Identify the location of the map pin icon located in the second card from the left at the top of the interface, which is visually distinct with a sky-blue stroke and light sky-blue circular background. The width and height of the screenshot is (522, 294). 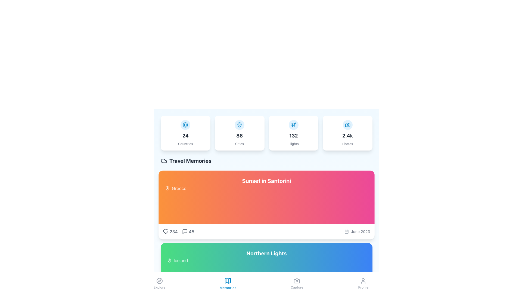
(239, 125).